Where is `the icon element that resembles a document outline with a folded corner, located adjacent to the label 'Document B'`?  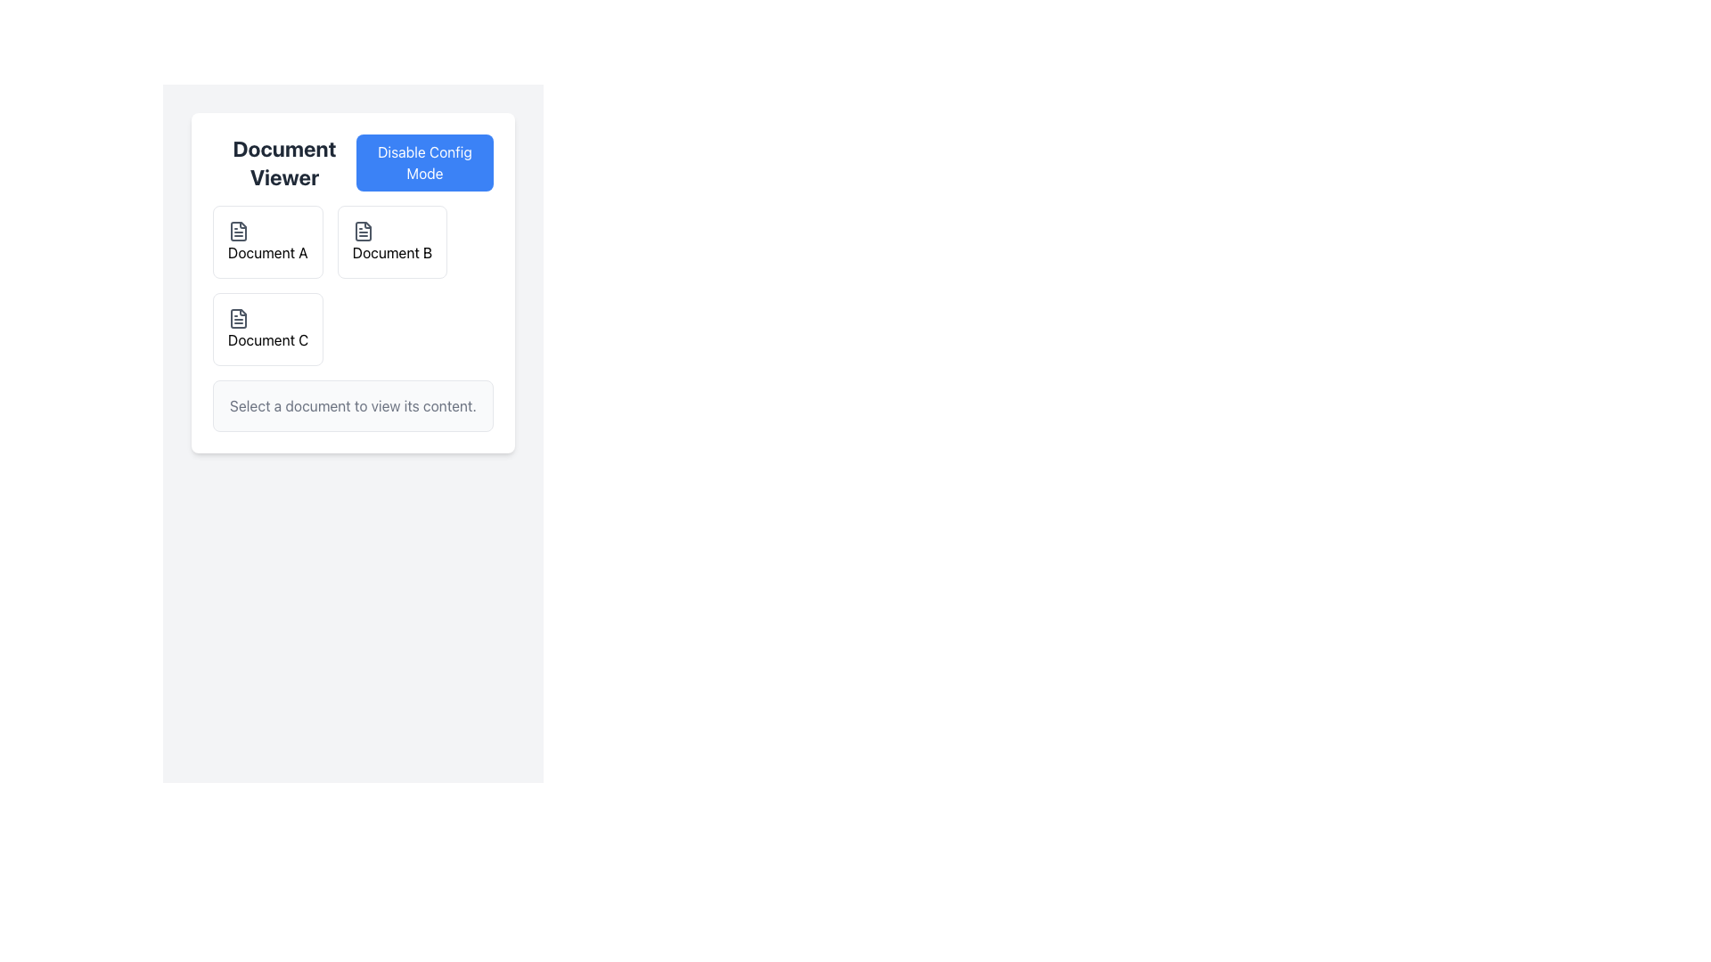
the icon element that resembles a document outline with a folded corner, located adjacent to the label 'Document B' is located at coordinates (362, 230).